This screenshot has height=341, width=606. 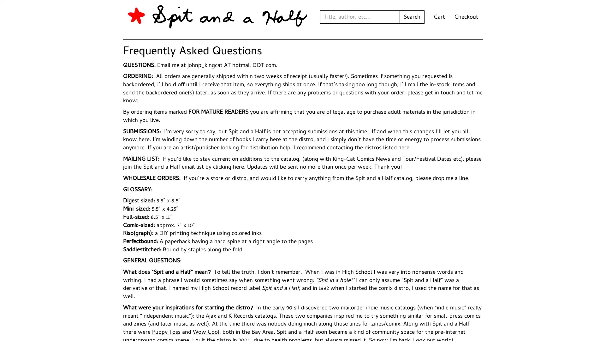 What do you see at coordinates (412, 17) in the screenshot?
I see `Search` at bounding box center [412, 17].